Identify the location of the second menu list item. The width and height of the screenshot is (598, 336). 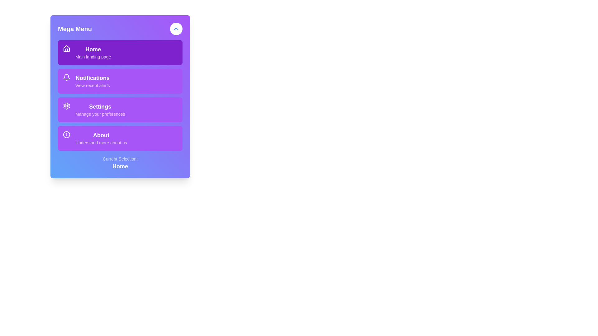
(120, 96).